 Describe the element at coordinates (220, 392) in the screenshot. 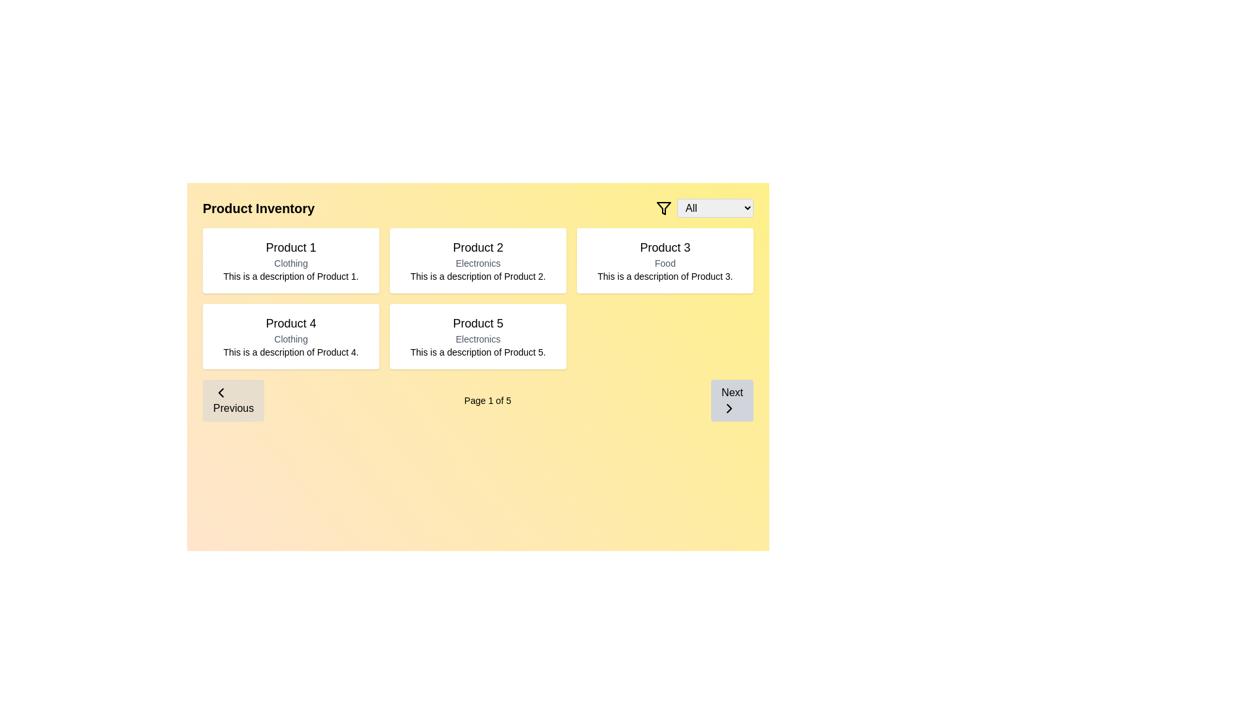

I see `the chevron-left SVG icon located within the 'Previous' button in the bottom-left section of the footer of the product inventory list` at that location.